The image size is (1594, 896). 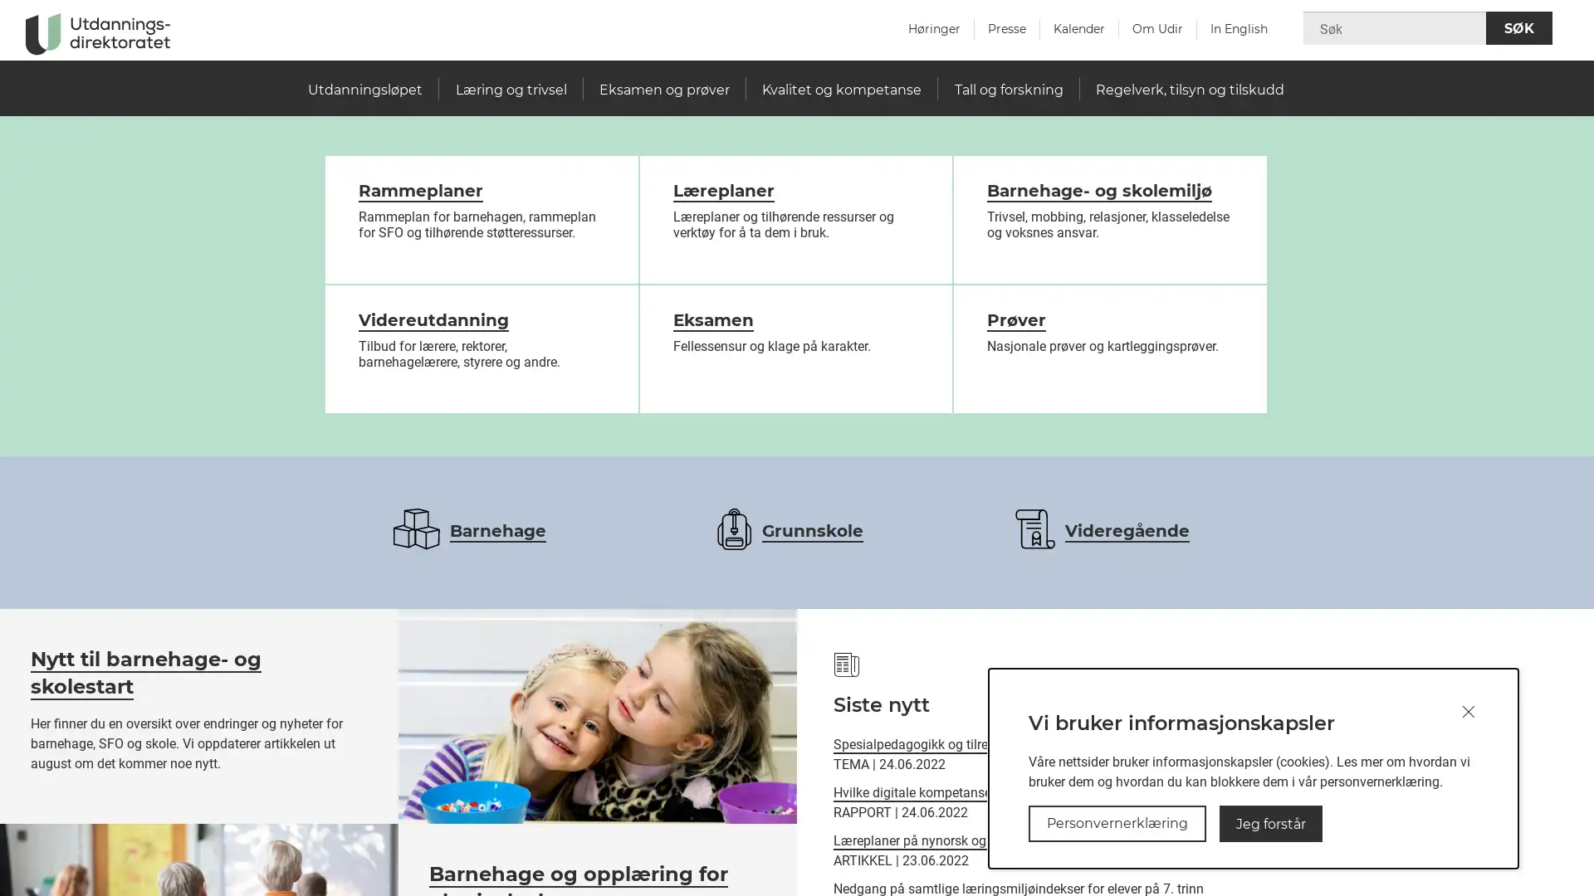 I want to click on Lring og trivsel, so click(x=509, y=90).